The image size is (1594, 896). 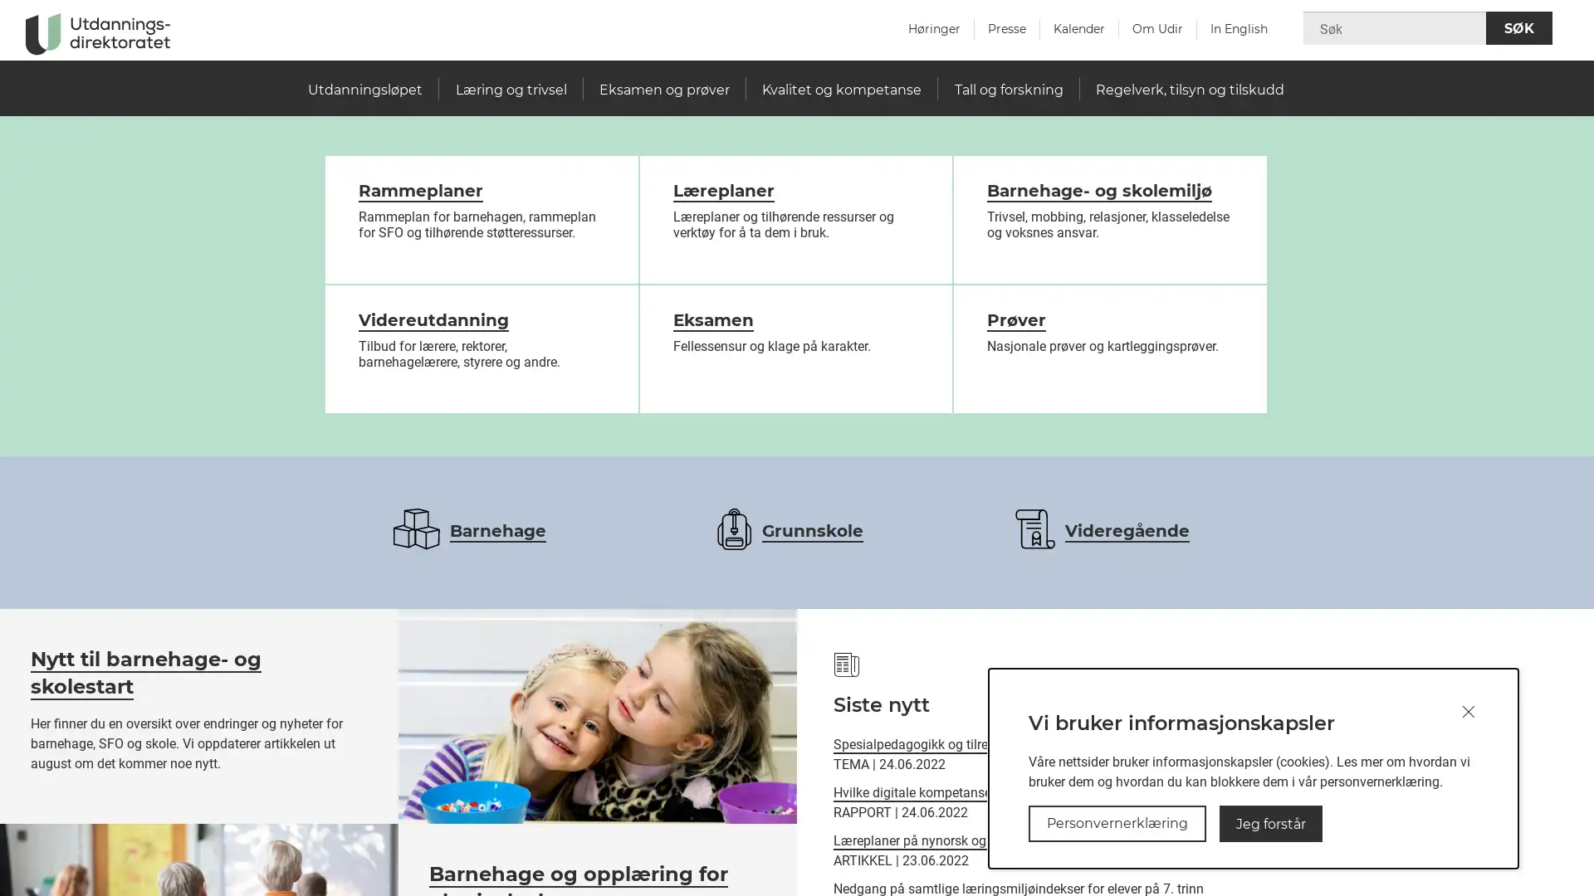 I want to click on Lring og trivsel, so click(x=509, y=90).